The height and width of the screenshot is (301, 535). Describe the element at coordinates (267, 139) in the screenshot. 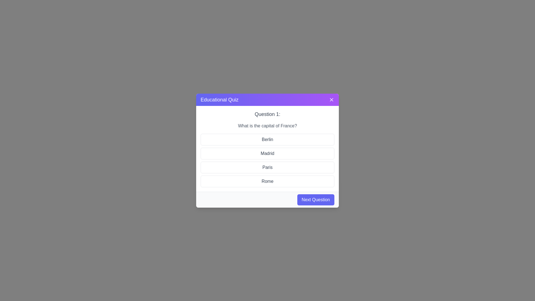

I see `the first answer option button labeled 'Berlin'` at that location.